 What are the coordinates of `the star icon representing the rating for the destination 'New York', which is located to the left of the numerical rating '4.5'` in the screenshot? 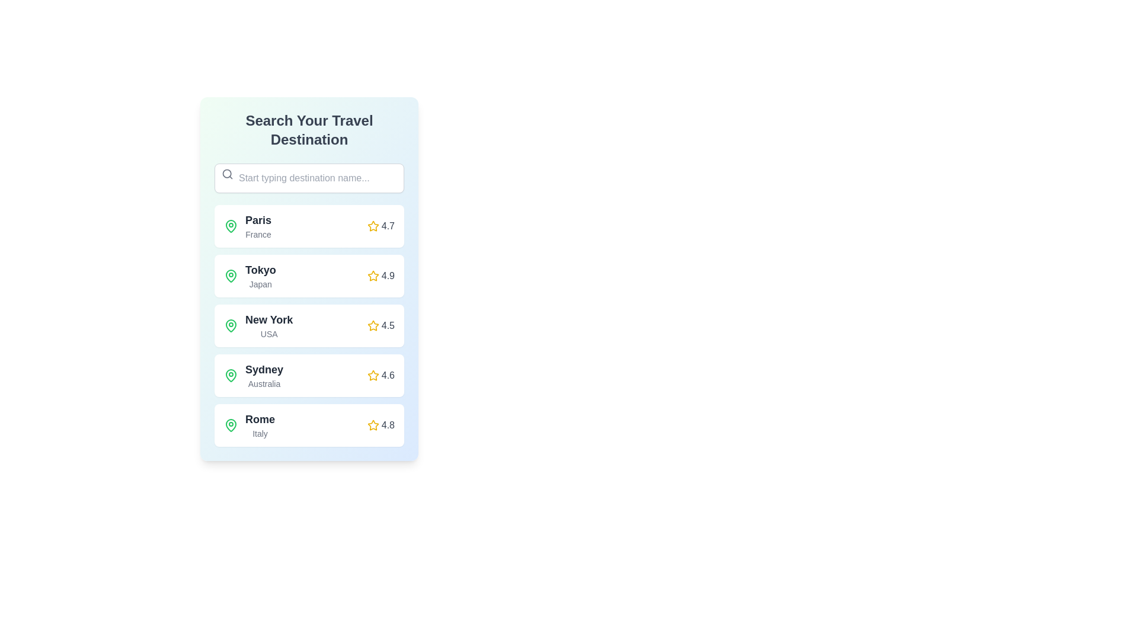 It's located at (372, 326).